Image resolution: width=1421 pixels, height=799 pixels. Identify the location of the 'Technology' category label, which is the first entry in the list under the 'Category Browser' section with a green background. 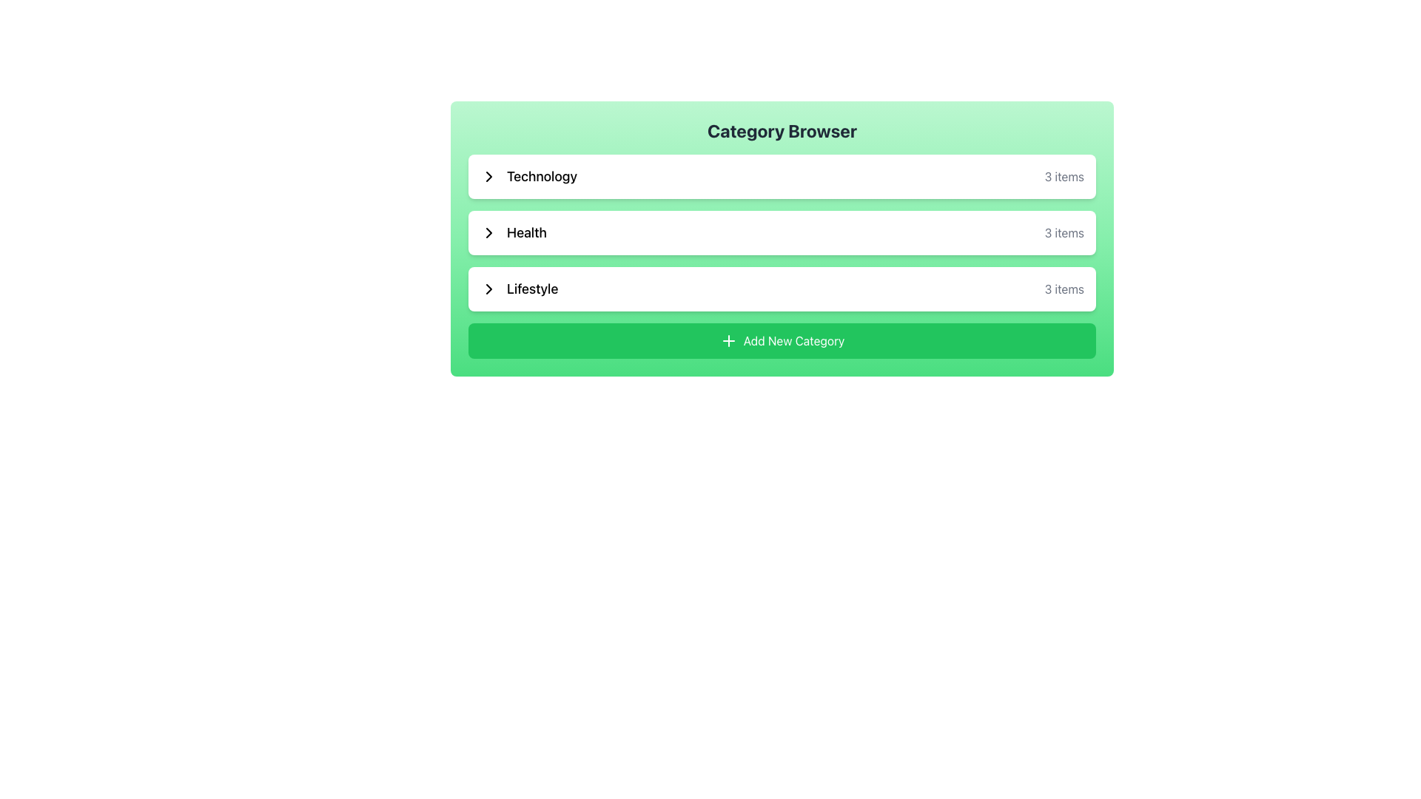
(528, 176).